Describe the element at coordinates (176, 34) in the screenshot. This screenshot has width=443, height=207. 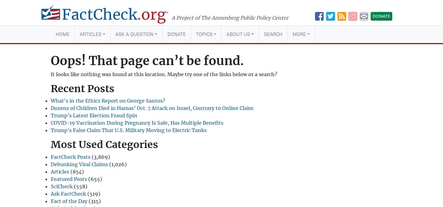
I see `'Donate'` at that location.